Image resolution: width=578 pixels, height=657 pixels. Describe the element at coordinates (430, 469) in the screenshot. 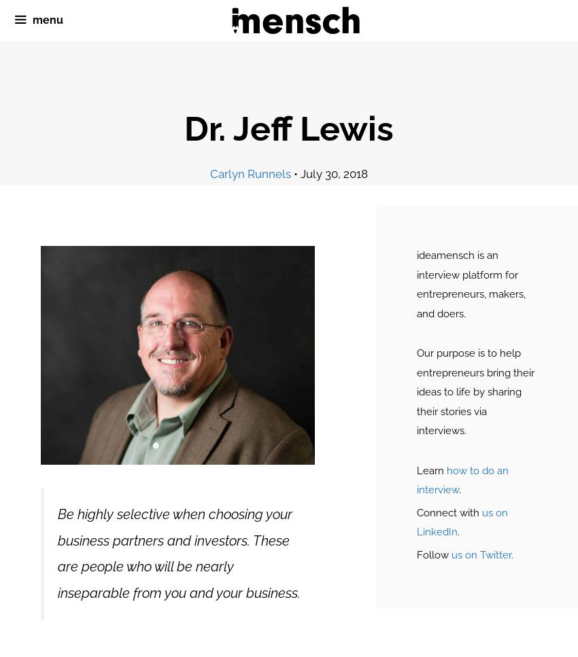

I see `'Learn'` at that location.